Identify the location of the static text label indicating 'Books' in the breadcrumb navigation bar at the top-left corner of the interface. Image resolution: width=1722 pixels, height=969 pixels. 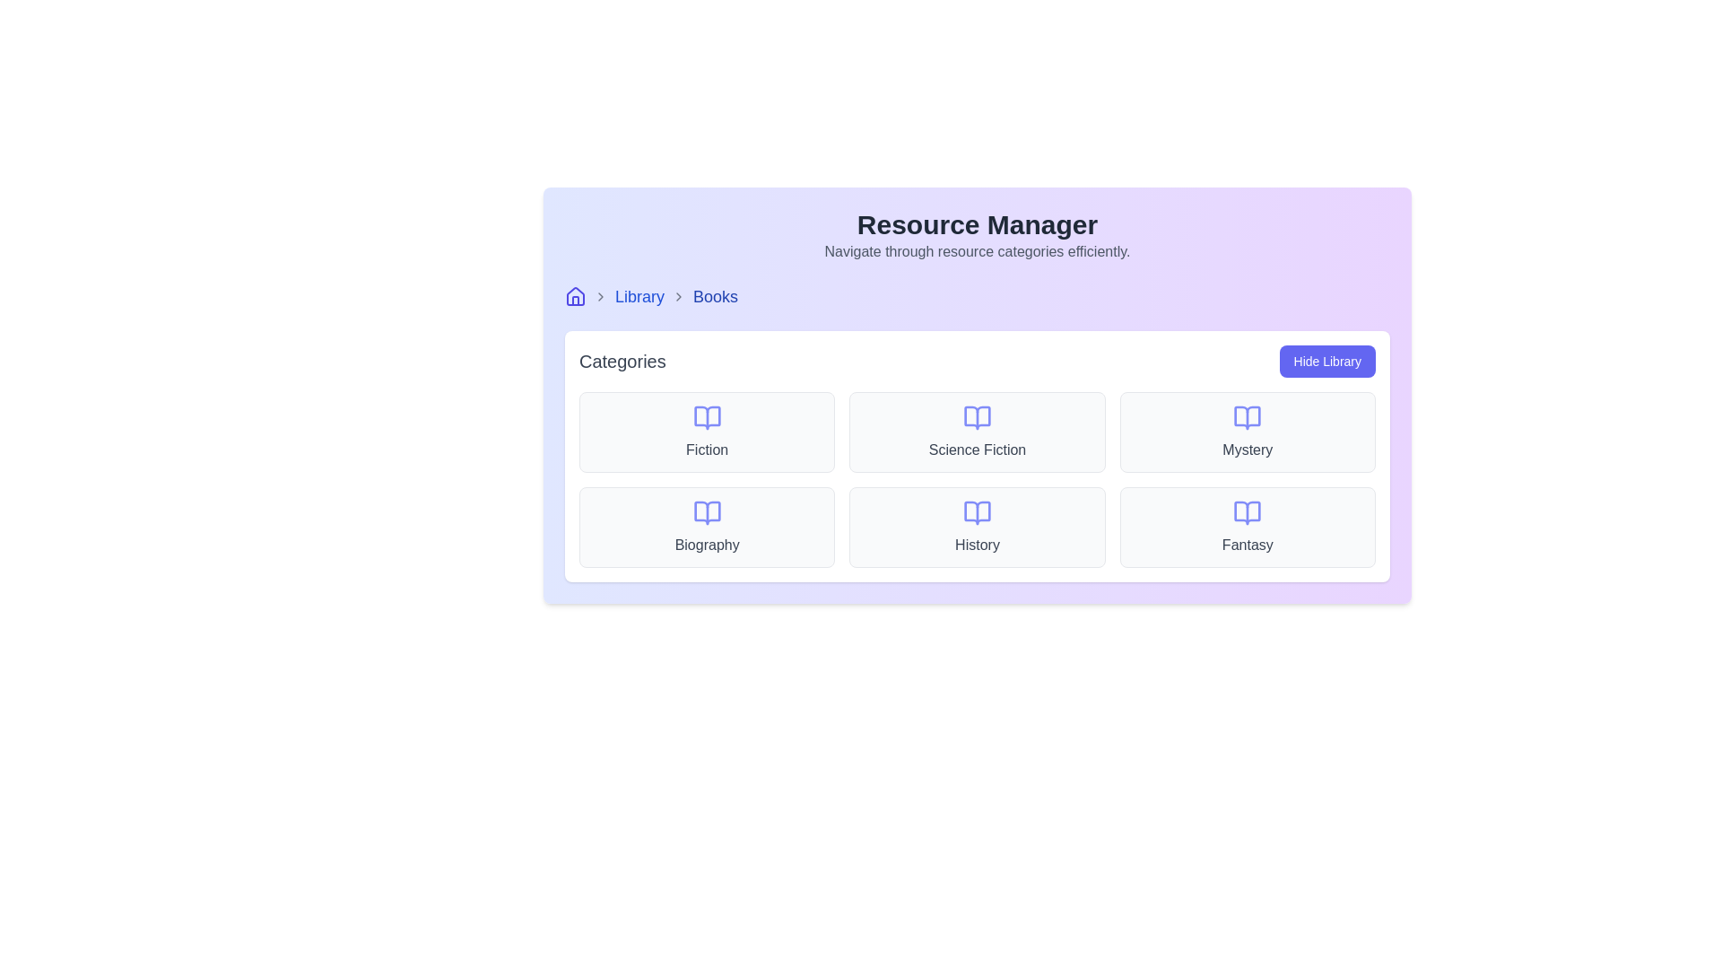
(715, 296).